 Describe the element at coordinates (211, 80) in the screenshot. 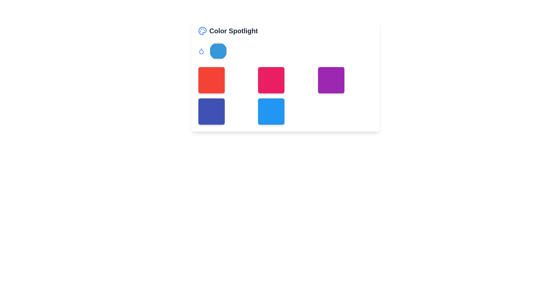

I see `the upper-left red rounded square` at that location.